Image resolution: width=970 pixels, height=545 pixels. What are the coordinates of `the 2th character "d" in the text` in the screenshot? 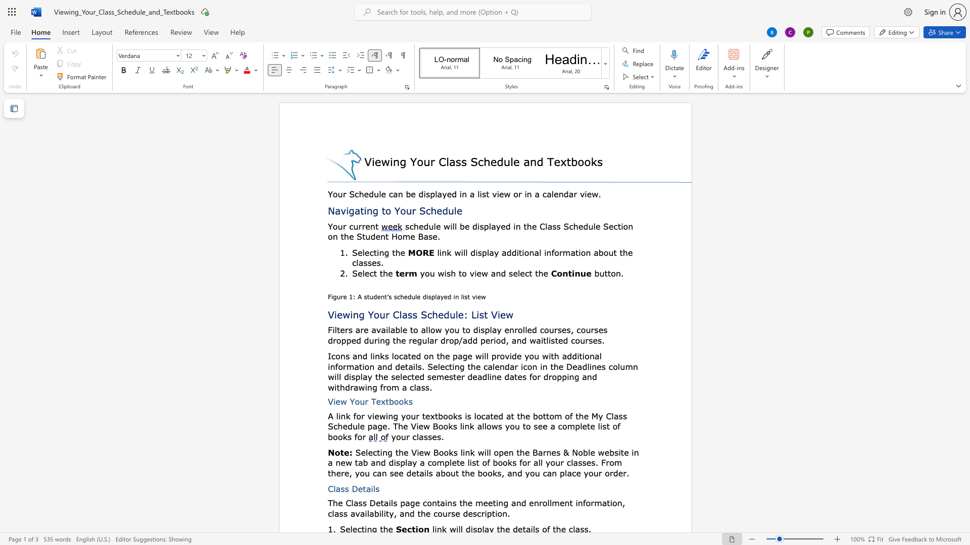 It's located at (409, 296).